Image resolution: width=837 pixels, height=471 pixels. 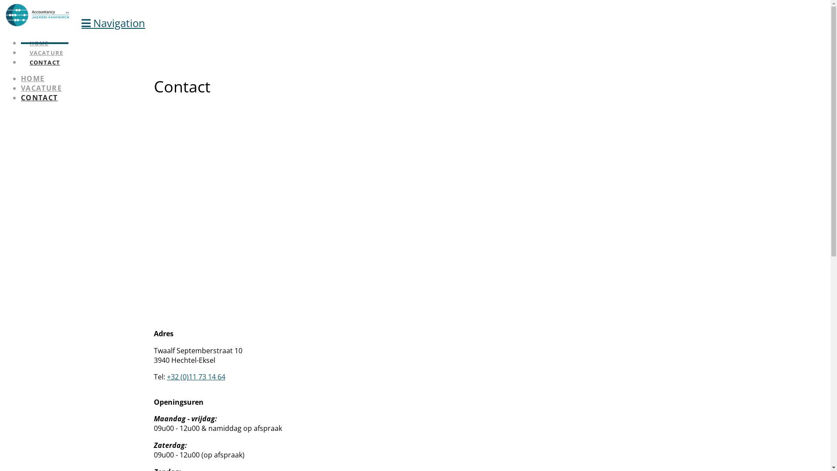 What do you see at coordinates (195, 376) in the screenshot?
I see `'+32 (0)11 73 14 64'` at bounding box center [195, 376].